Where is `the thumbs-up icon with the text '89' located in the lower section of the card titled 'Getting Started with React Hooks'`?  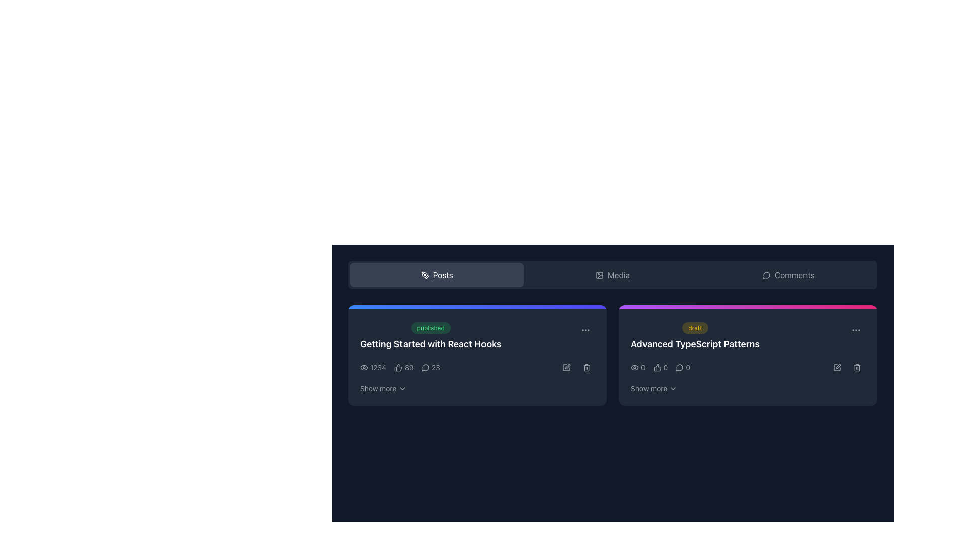 the thumbs-up icon with the text '89' located in the lower section of the card titled 'Getting Started with React Hooks' is located at coordinates (399, 368).